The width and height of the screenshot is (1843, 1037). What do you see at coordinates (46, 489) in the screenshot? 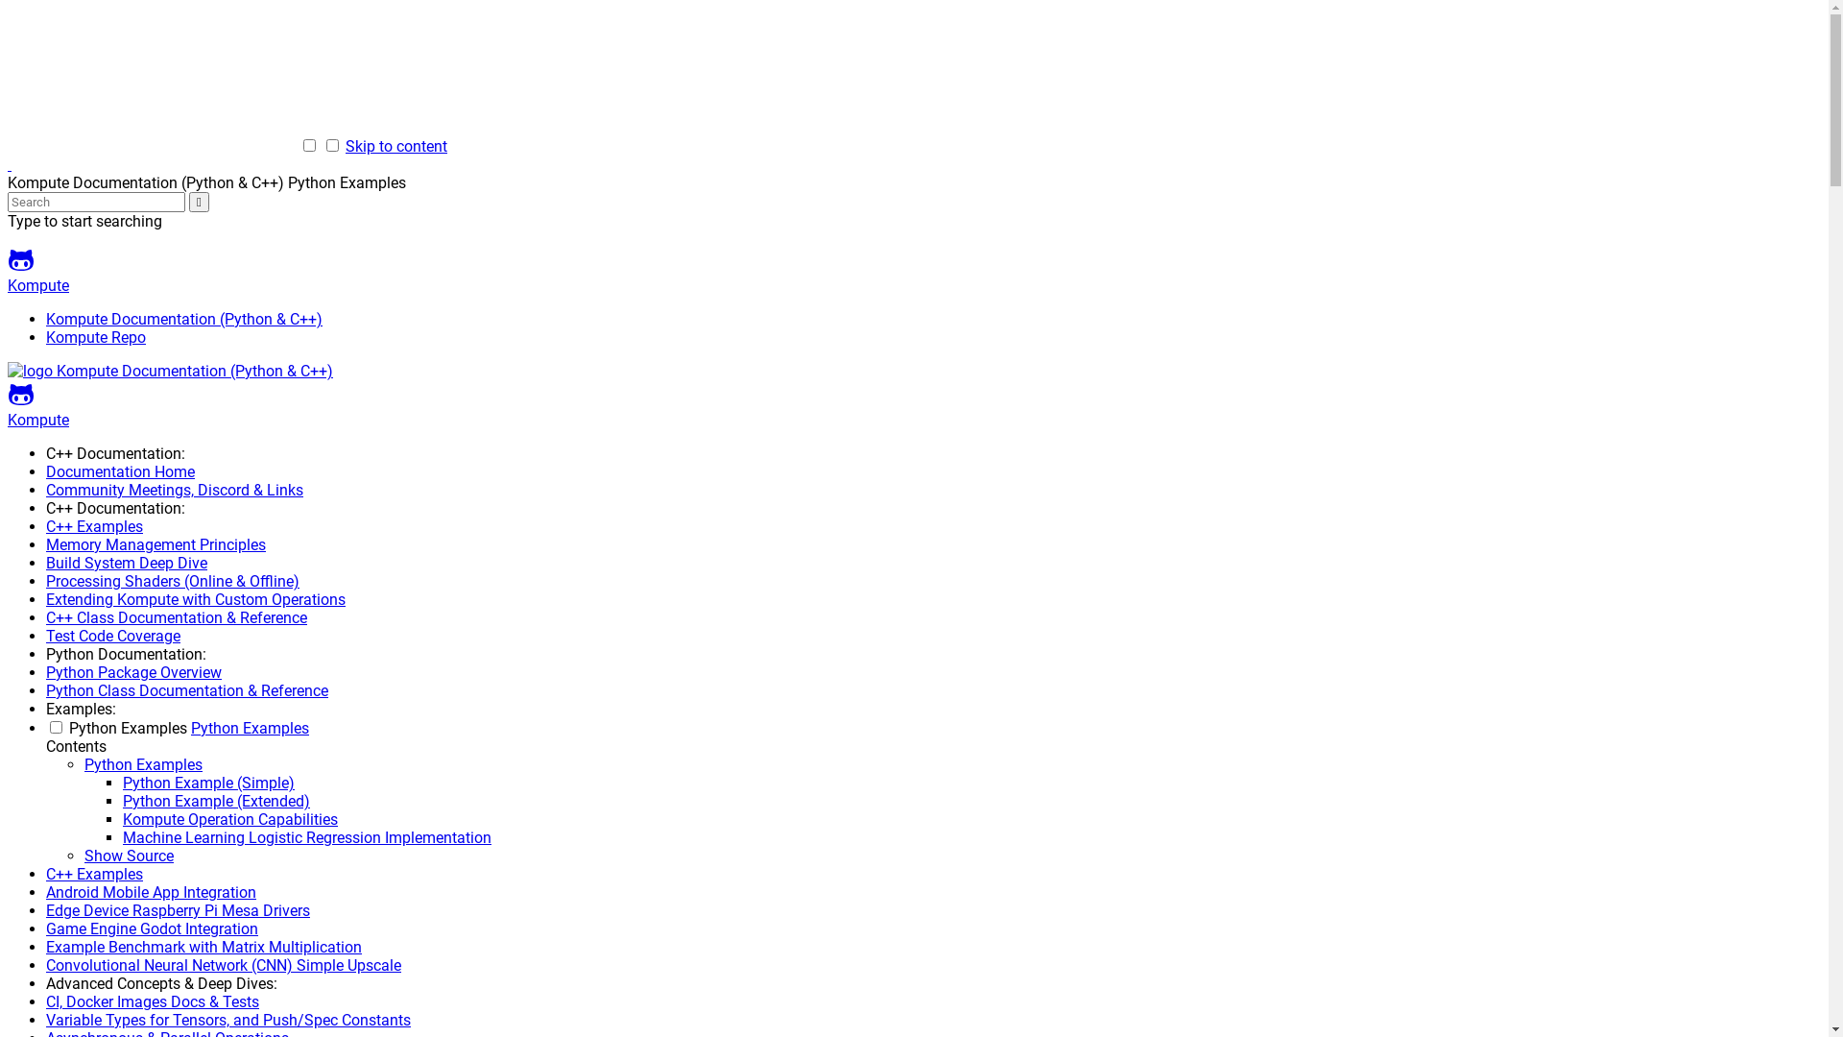
I see `'Community Meetings, Discord & Links'` at bounding box center [46, 489].